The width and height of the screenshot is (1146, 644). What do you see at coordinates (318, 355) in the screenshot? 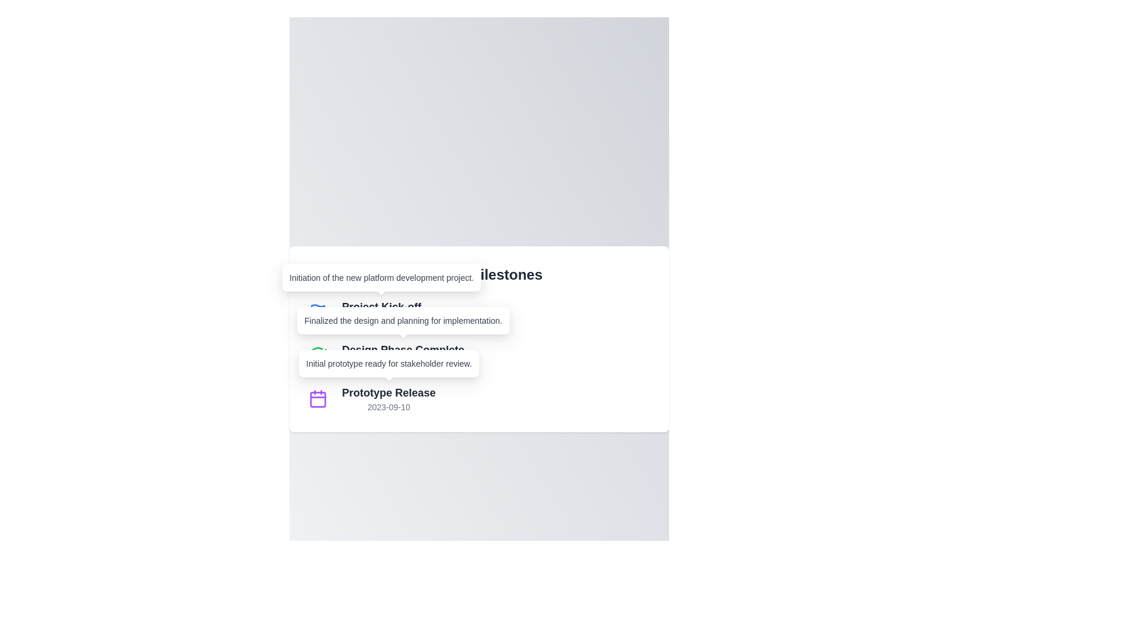
I see `the circular green icon with a checkmark inside it, which signifies success and is located in the center-left of the milestone card labeled 'Design Phase Complete'` at bounding box center [318, 355].